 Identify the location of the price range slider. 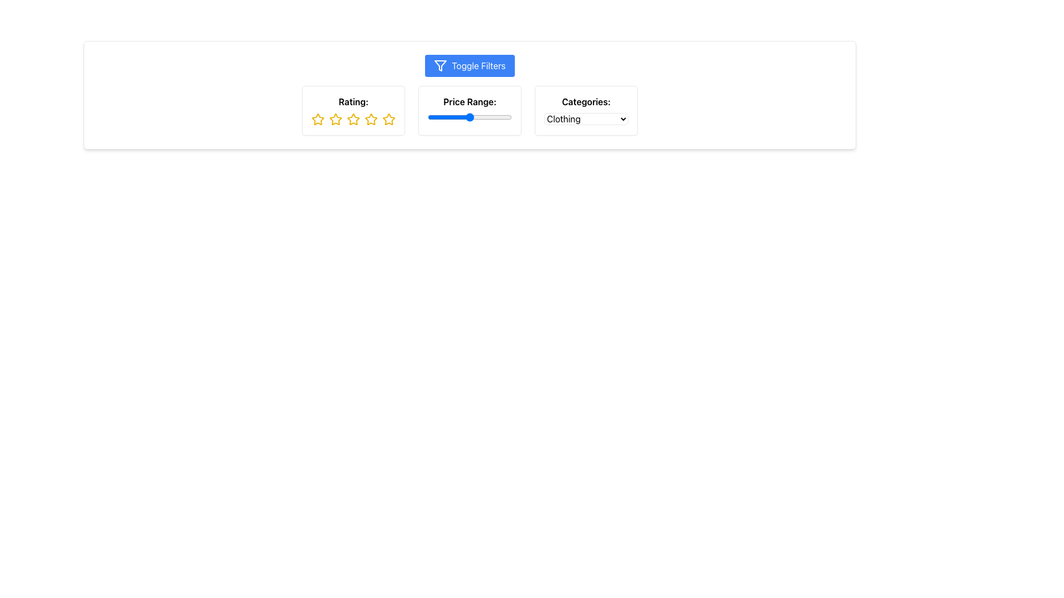
(472, 117).